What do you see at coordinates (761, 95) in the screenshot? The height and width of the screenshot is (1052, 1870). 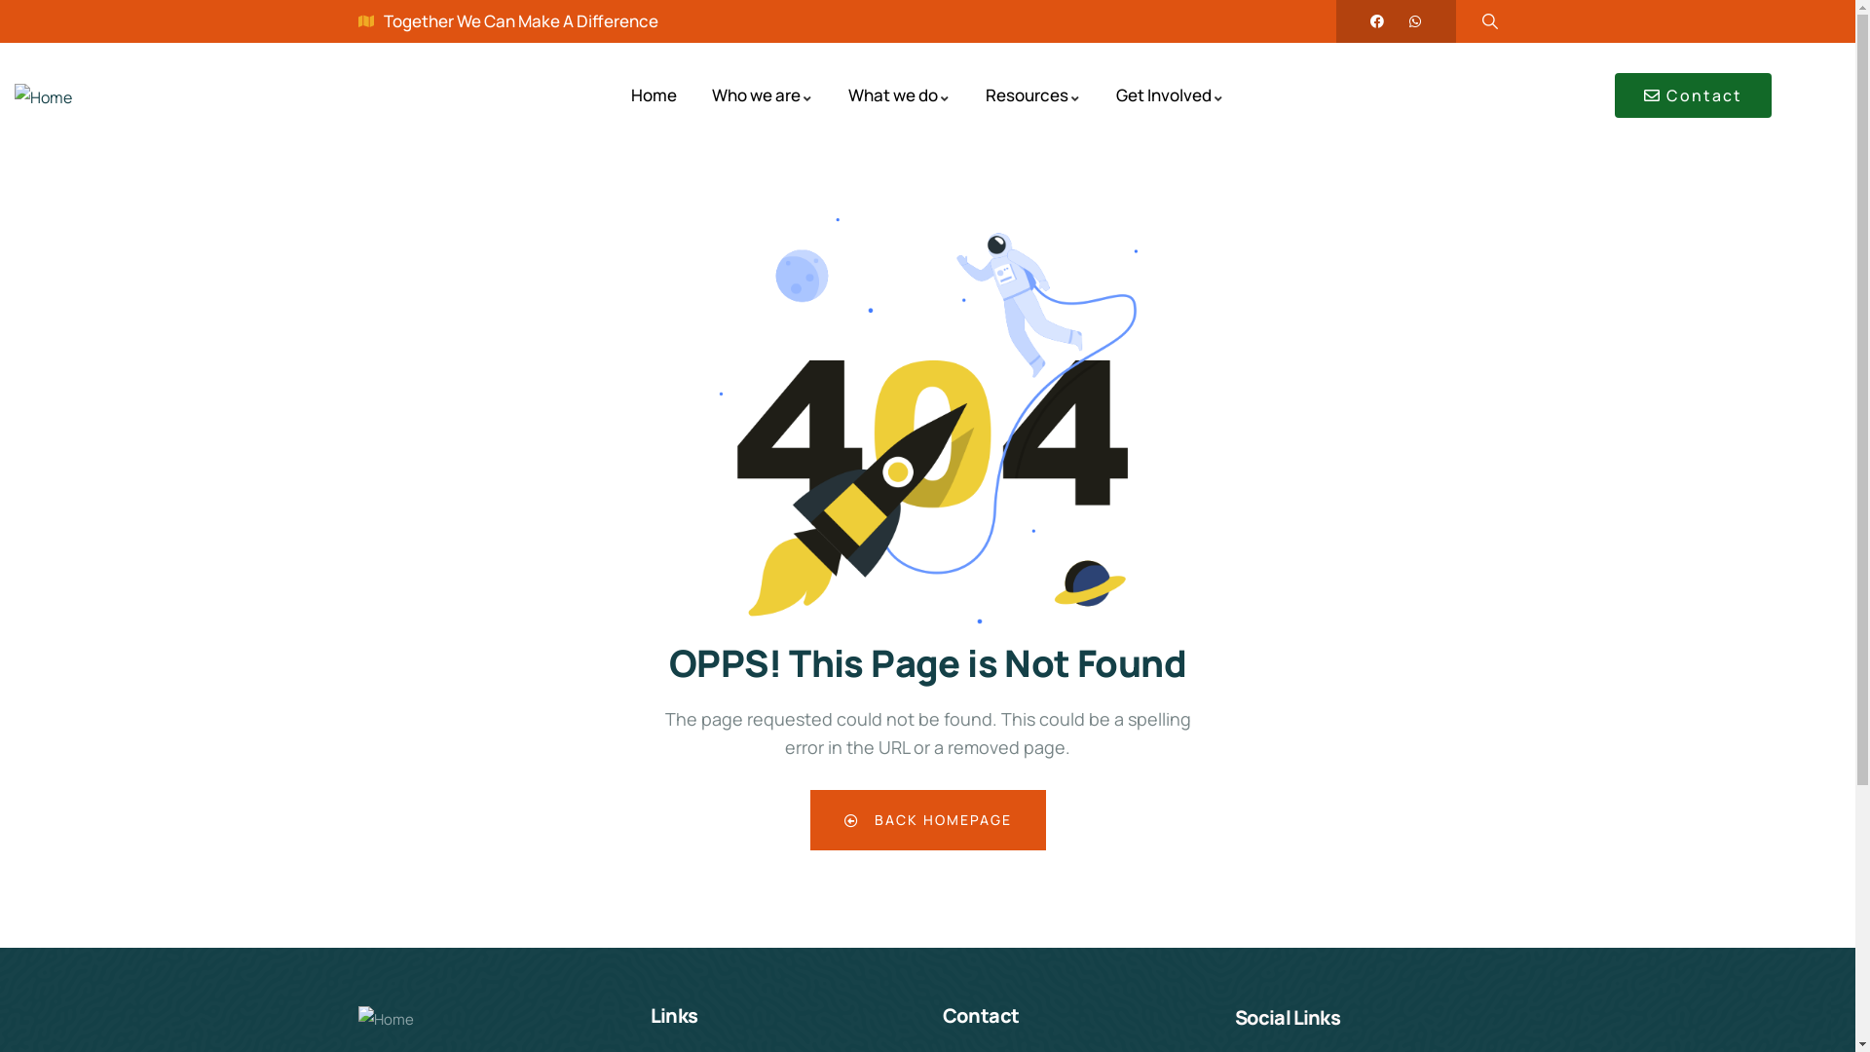 I see `'Who we are'` at bounding box center [761, 95].